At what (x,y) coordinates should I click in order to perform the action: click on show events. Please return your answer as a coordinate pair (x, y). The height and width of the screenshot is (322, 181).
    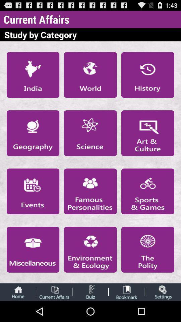
    Looking at the image, I should click on (33, 191).